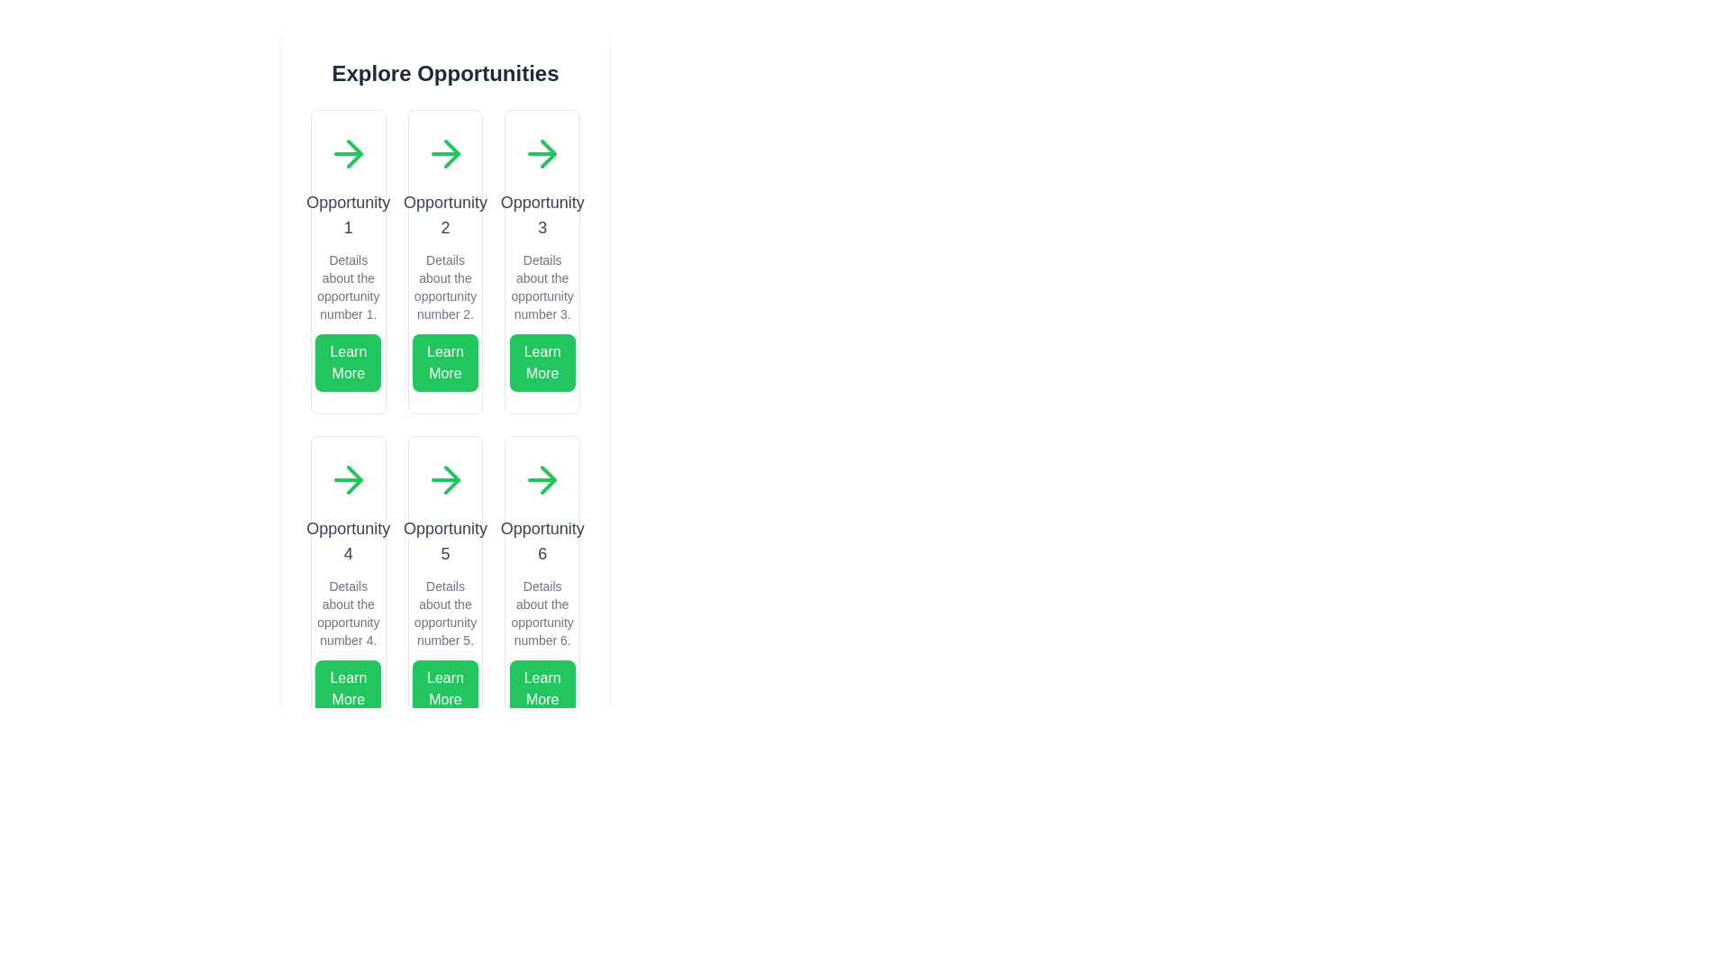 The height and width of the screenshot is (973, 1730). Describe the element at coordinates (445, 688) in the screenshot. I see `the green button labeled 'Learn More' located below the title 'Opportunity 5'` at that location.